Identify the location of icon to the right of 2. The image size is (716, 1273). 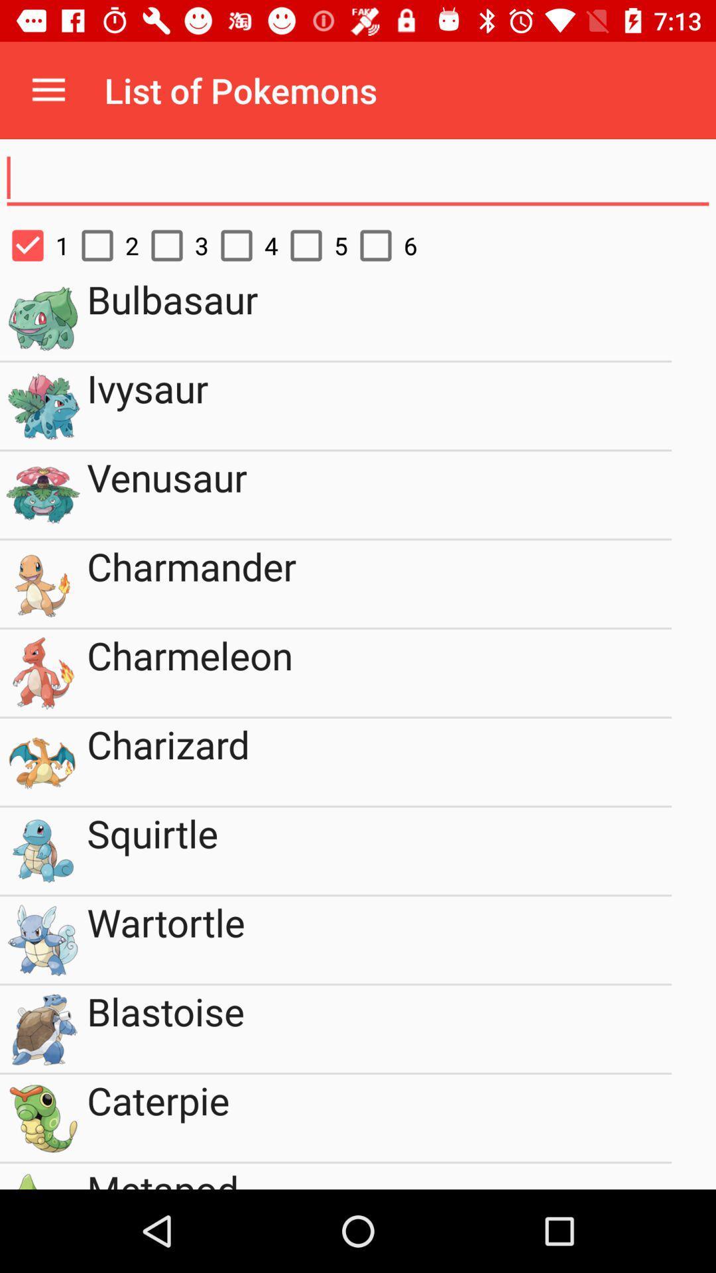
(173, 245).